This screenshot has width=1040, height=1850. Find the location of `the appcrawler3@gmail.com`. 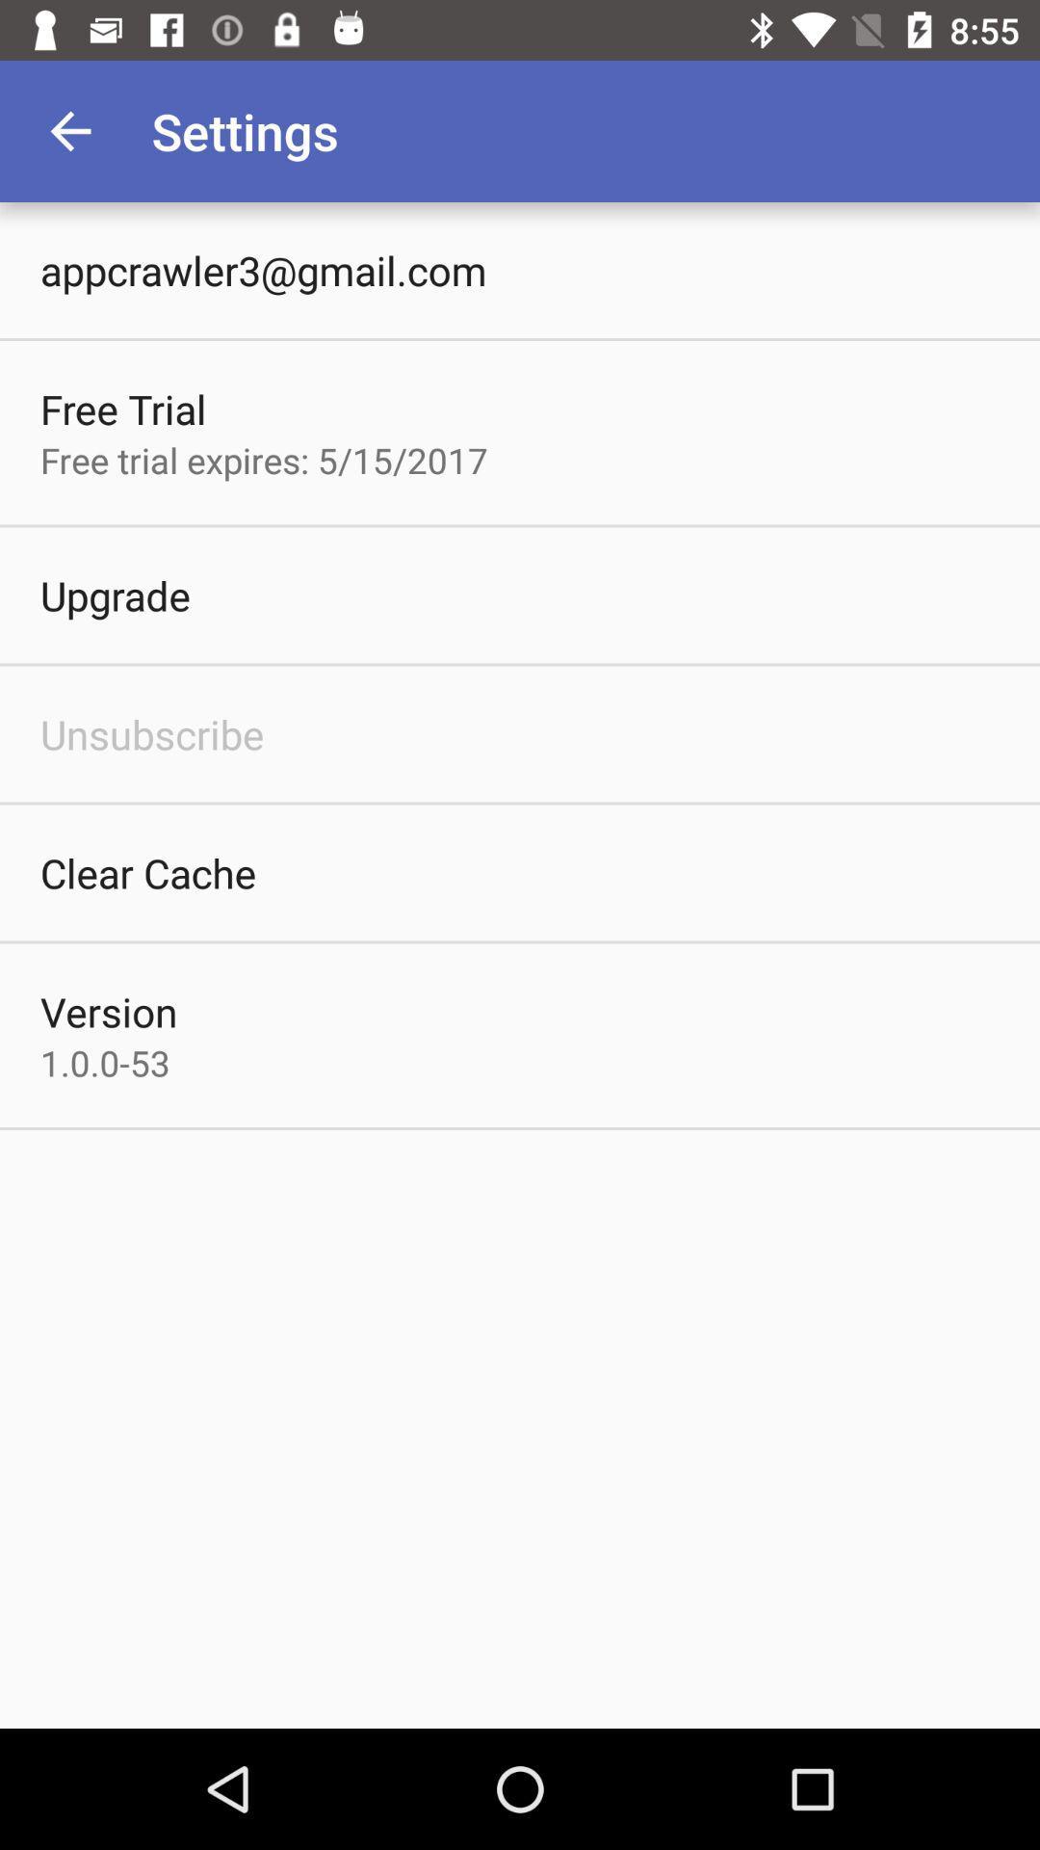

the appcrawler3@gmail.com is located at coordinates (263, 269).